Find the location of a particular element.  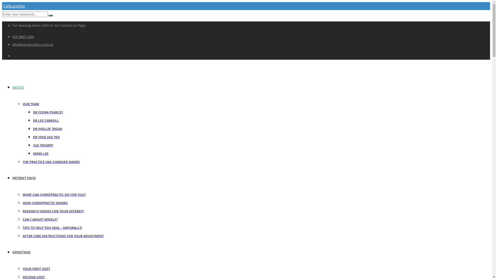

'(02) 9663 2003' is located at coordinates (23, 36).